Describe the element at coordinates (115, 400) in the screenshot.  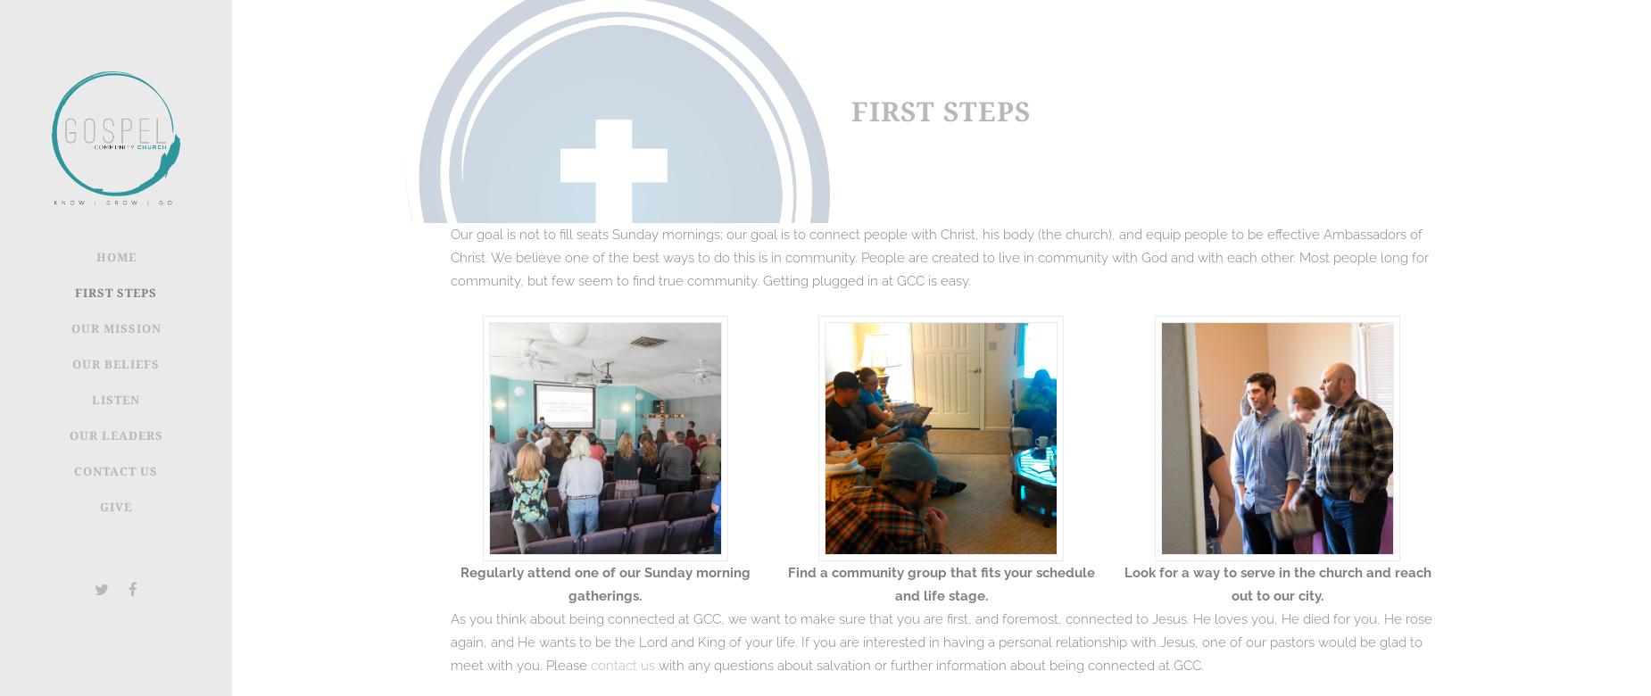
I see `'Listen'` at that location.